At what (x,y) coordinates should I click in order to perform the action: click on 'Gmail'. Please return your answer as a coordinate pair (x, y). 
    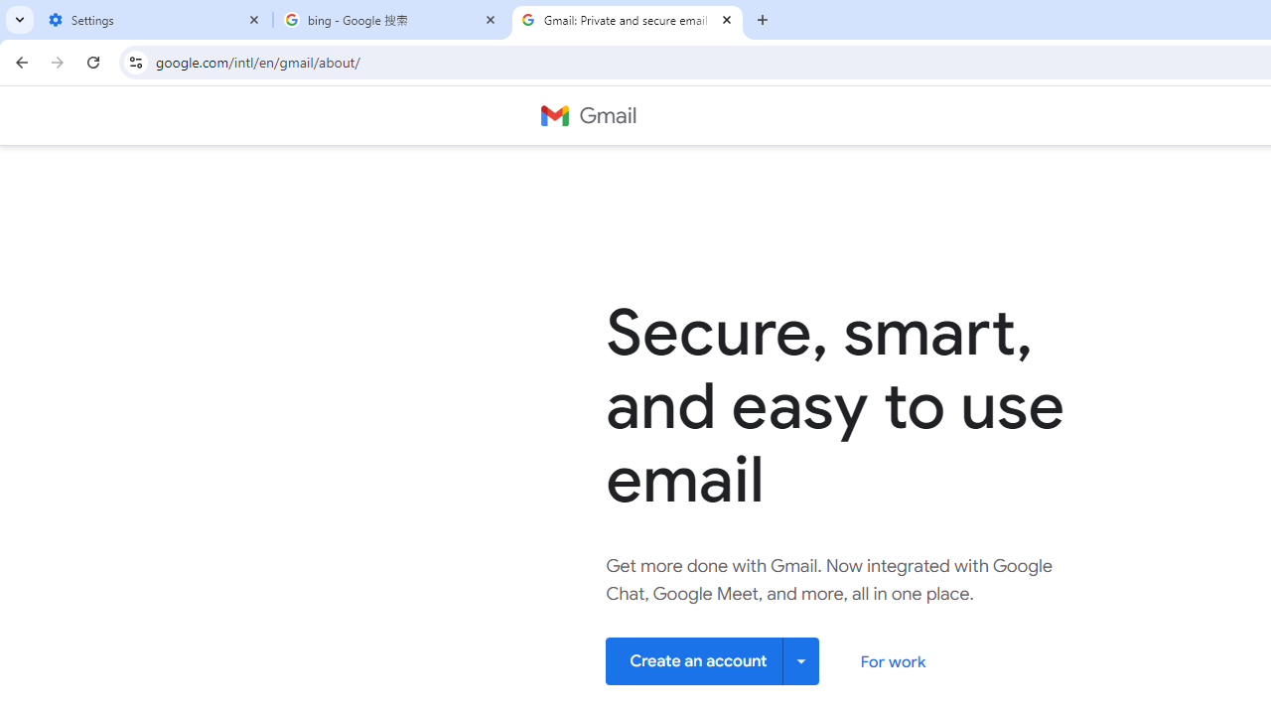
    Looking at the image, I should click on (587, 116).